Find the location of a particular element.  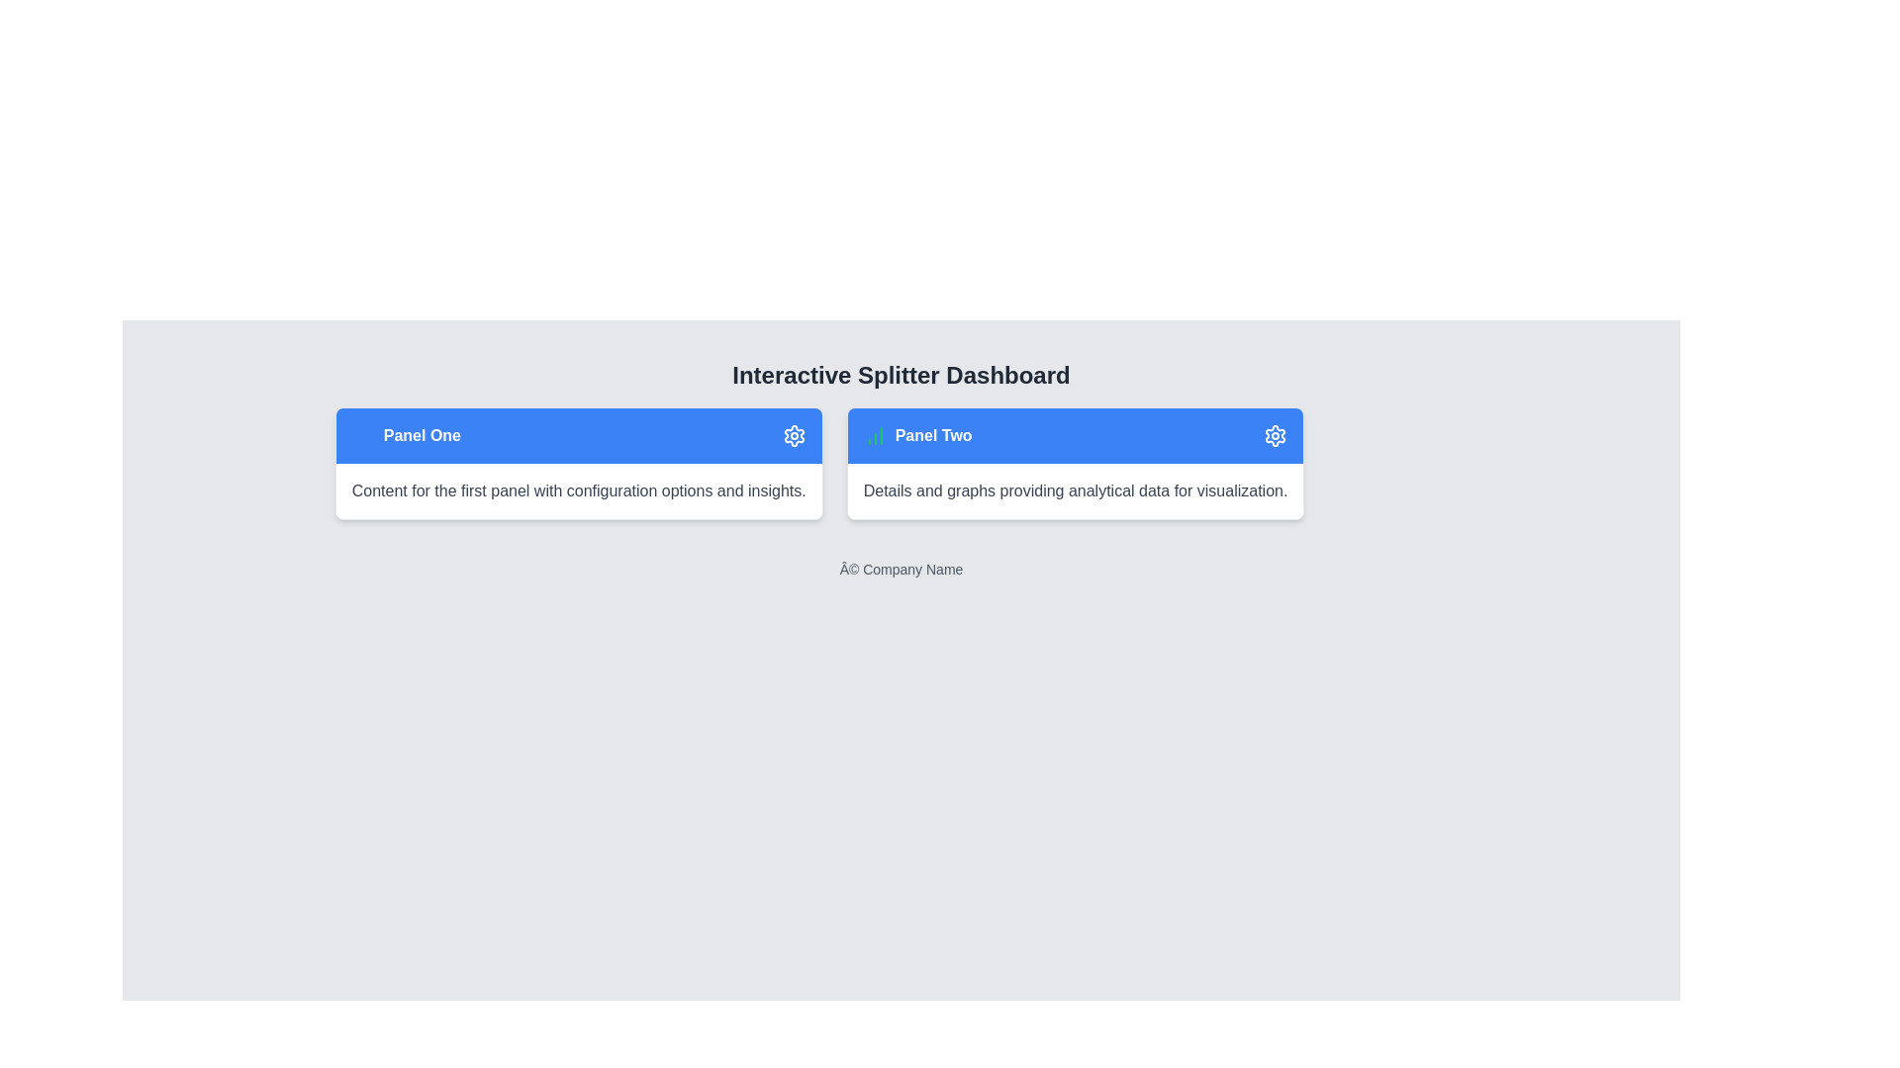

the cogwheel-style settings icon located at the far-right side of the header area of 'Panel One' is located at coordinates (794, 434).